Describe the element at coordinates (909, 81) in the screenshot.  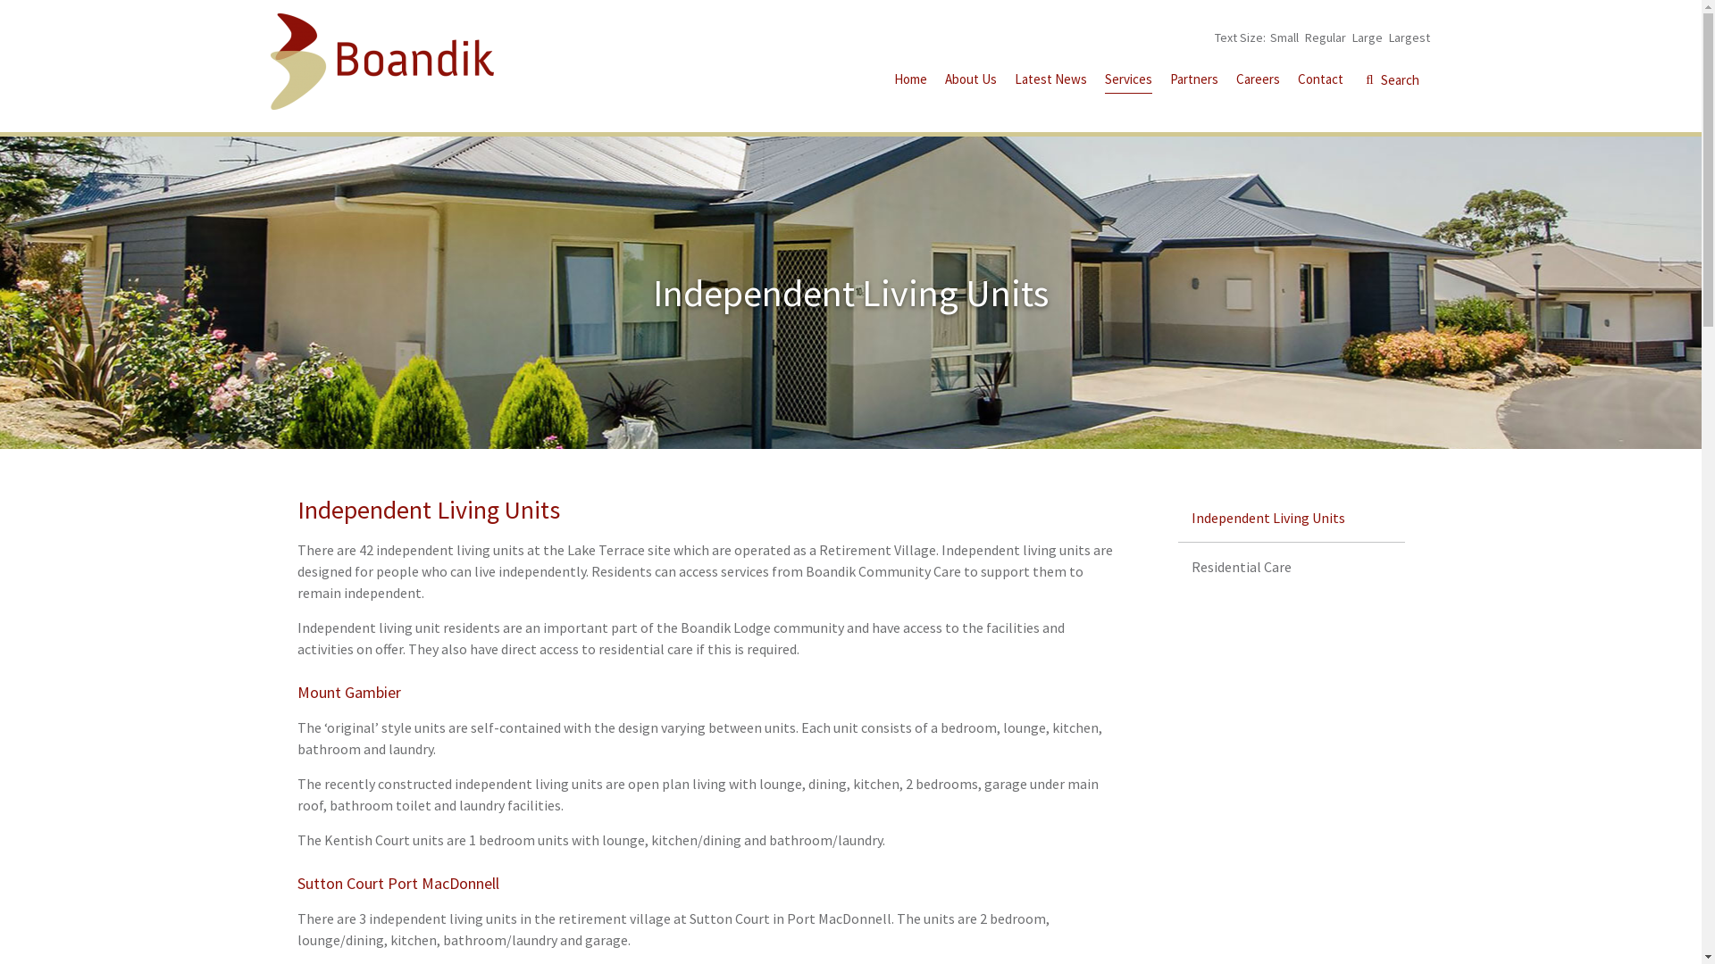
I see `'Home'` at that location.